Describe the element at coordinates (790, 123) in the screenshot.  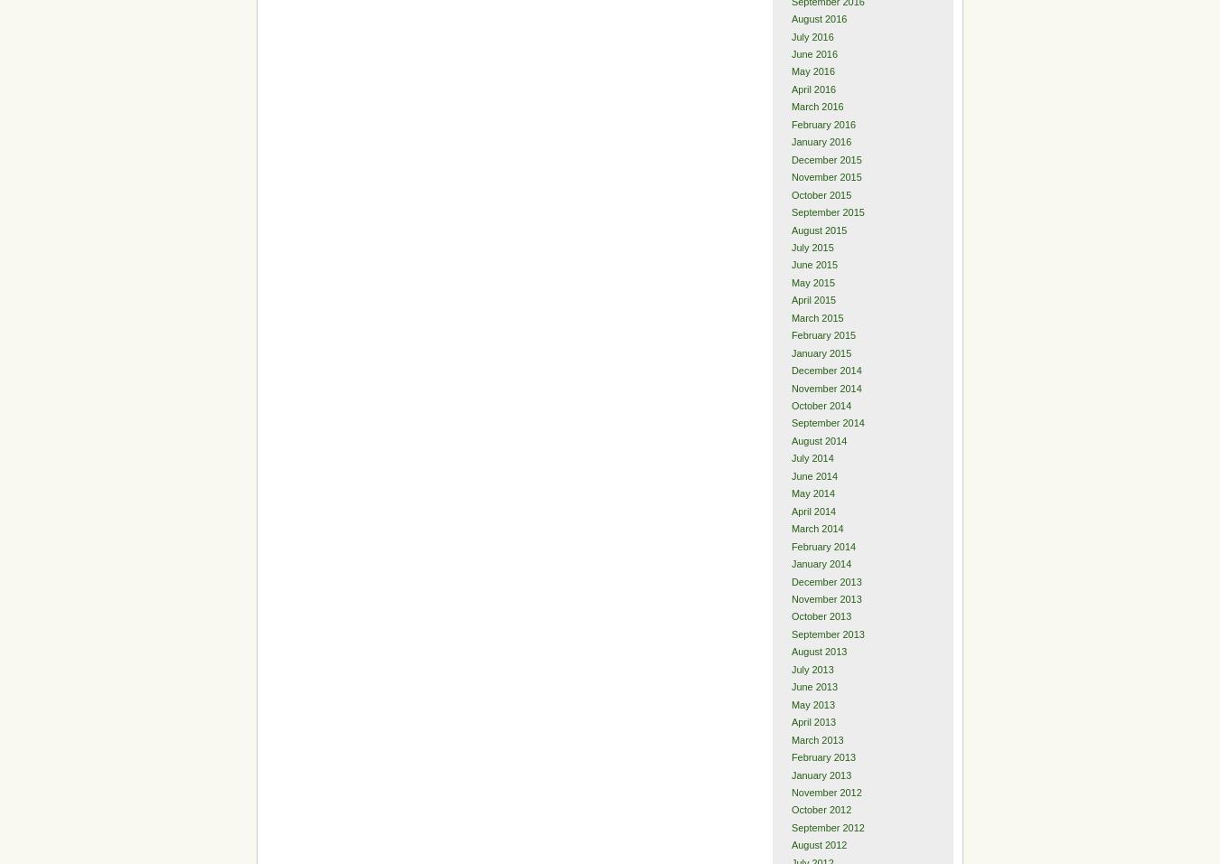
I see `'February 2016'` at that location.